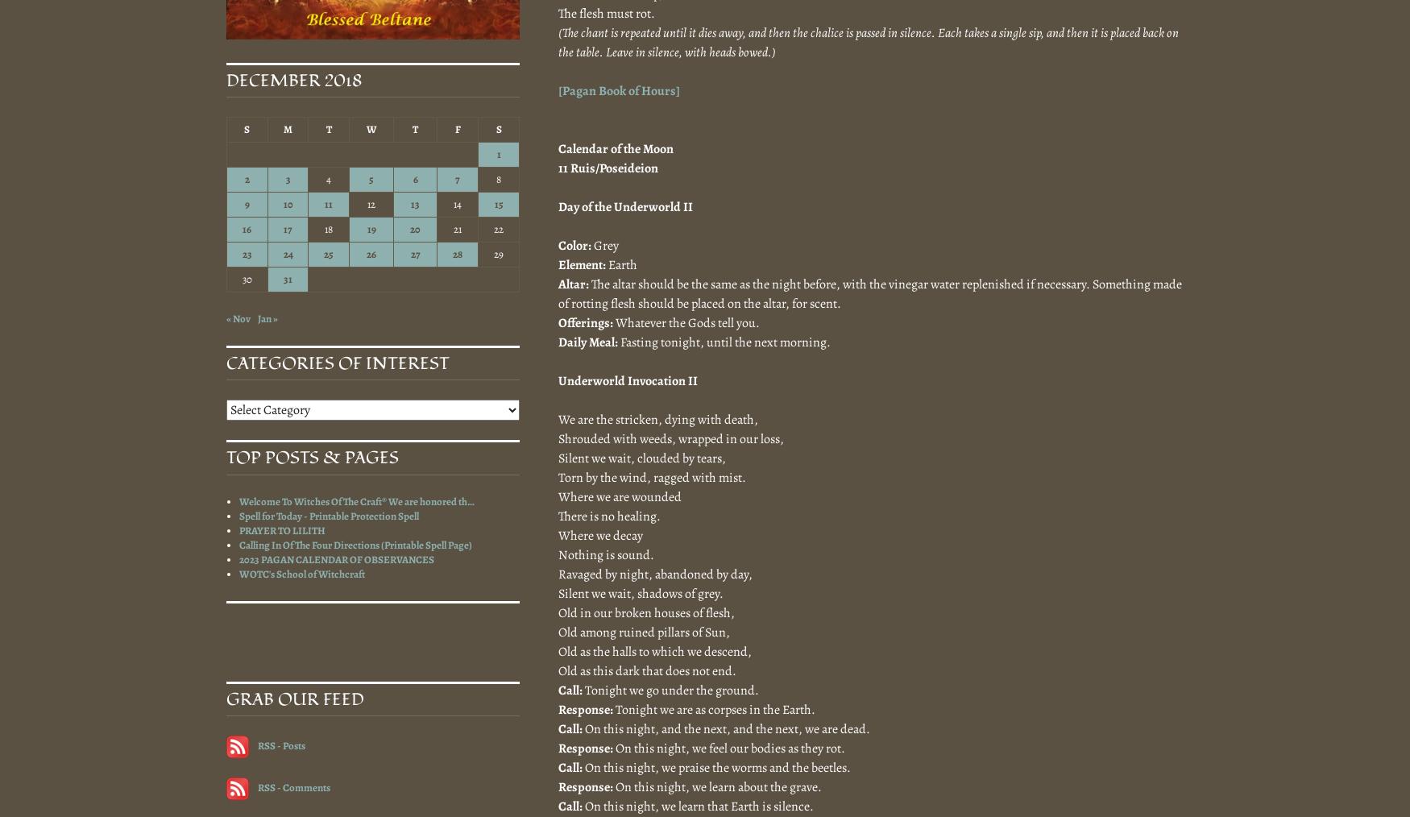 The image size is (1410, 817). Describe the element at coordinates (355, 544) in the screenshot. I see `'Calling In Of The Four Directions (Printable Spell Page)'` at that location.